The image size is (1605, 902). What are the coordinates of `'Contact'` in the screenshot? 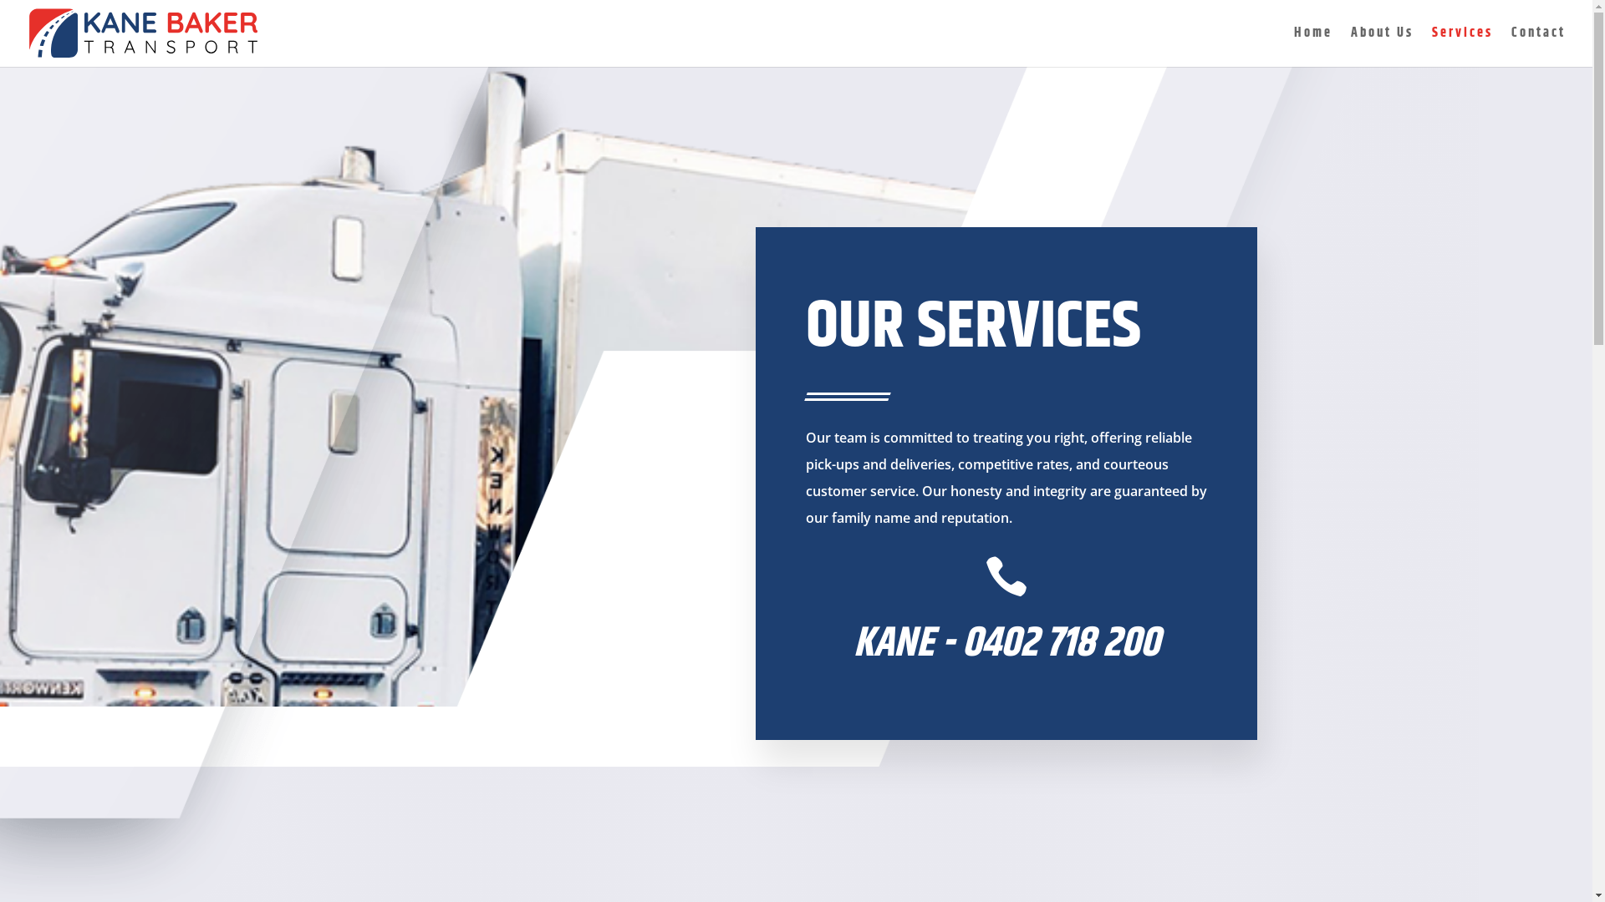 It's located at (1538, 46).